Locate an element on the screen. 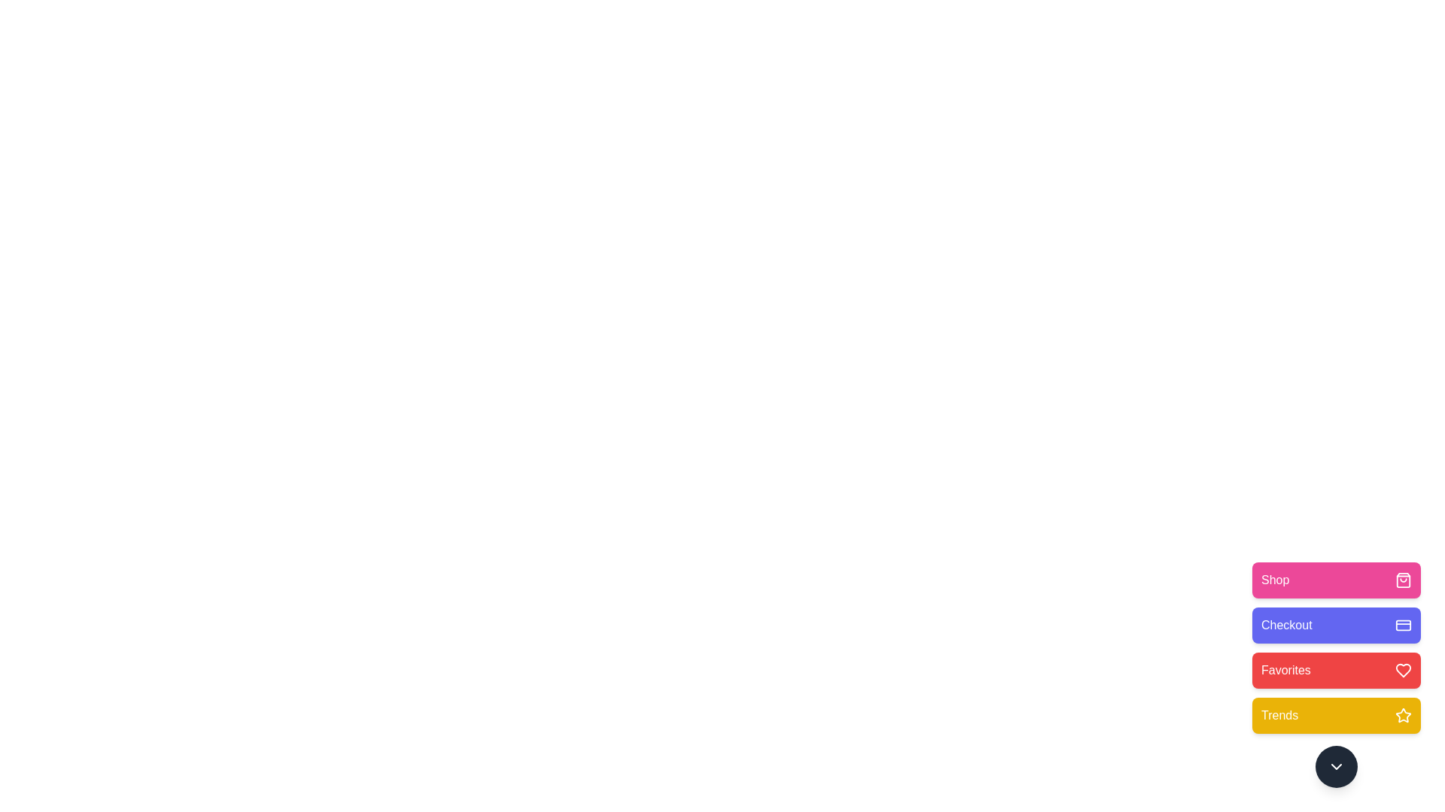 The height and width of the screenshot is (812, 1445). the Shop button to observe its transition effect is located at coordinates (1337, 579).